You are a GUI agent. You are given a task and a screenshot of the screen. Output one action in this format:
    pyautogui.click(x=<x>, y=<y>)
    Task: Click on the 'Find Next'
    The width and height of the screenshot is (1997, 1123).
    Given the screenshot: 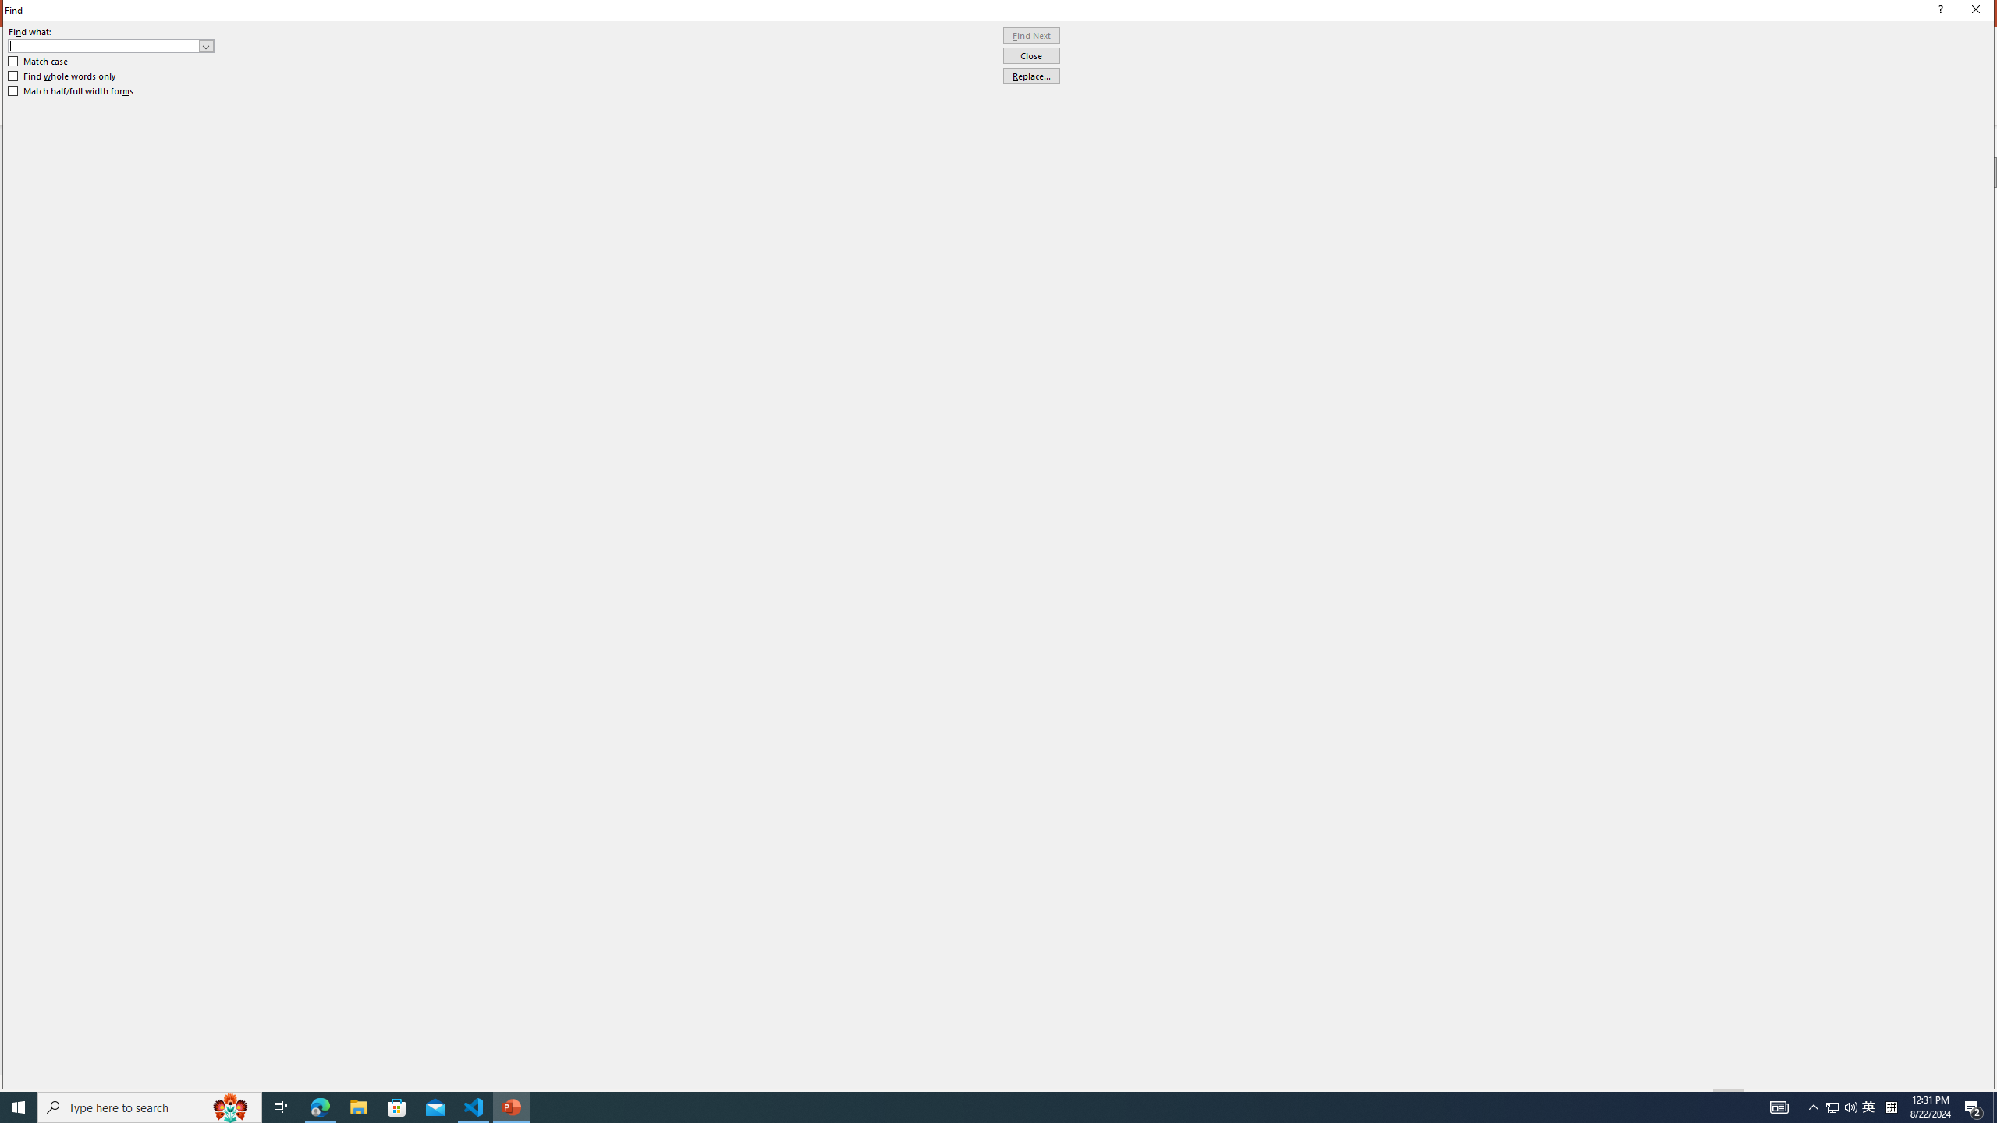 What is the action you would take?
    pyautogui.click(x=1030, y=35)
    